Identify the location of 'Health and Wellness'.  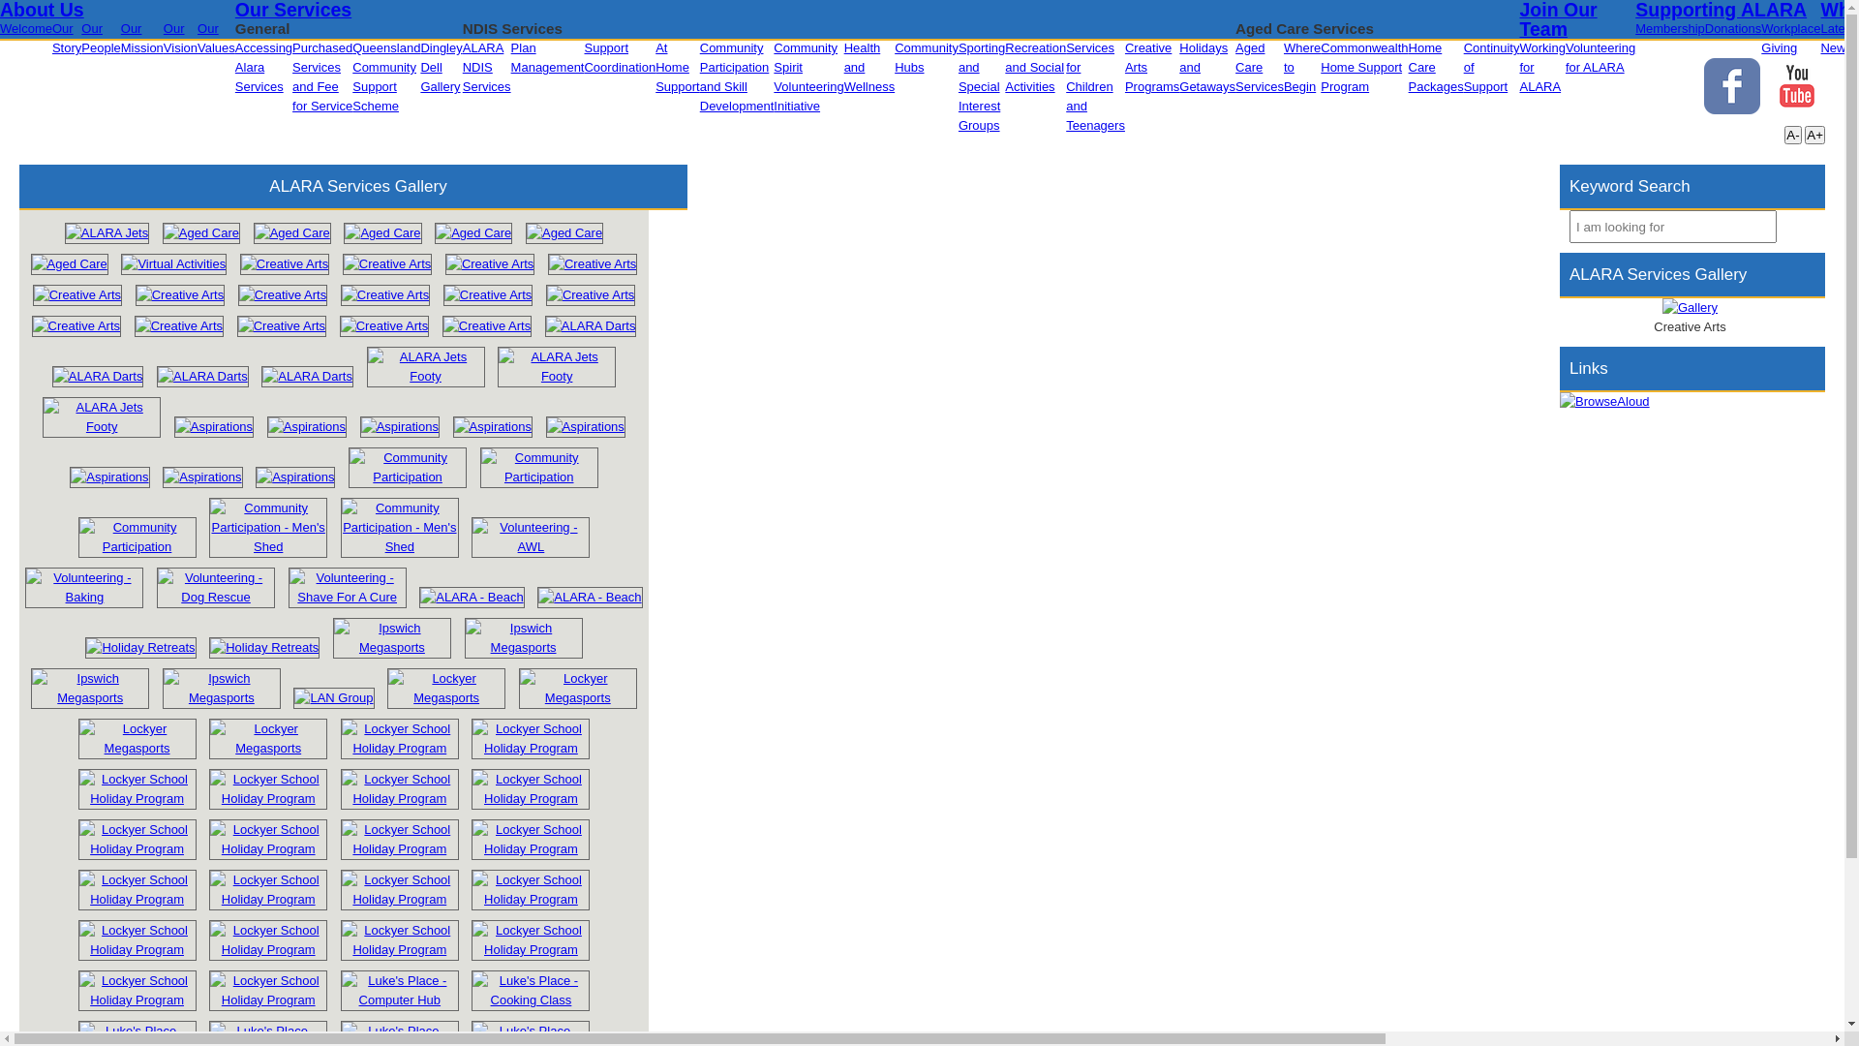
(869, 66).